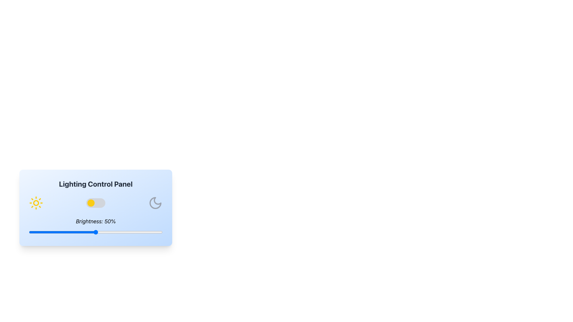 The image size is (573, 322). What do you see at coordinates (96, 203) in the screenshot?
I see `the toggle switch in the center of the 'Lighting Control Panel' interface` at bounding box center [96, 203].